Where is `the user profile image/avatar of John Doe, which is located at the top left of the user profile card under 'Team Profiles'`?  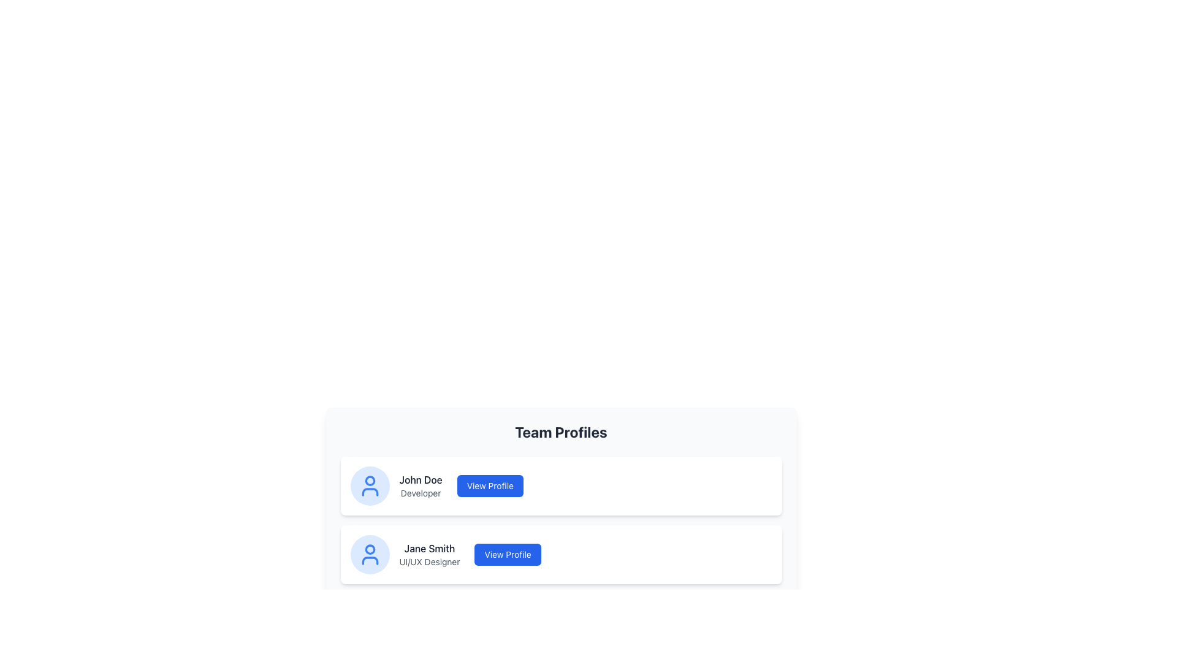 the user profile image/avatar of John Doe, which is located at the top left of the user profile card under 'Team Profiles' is located at coordinates (369, 485).